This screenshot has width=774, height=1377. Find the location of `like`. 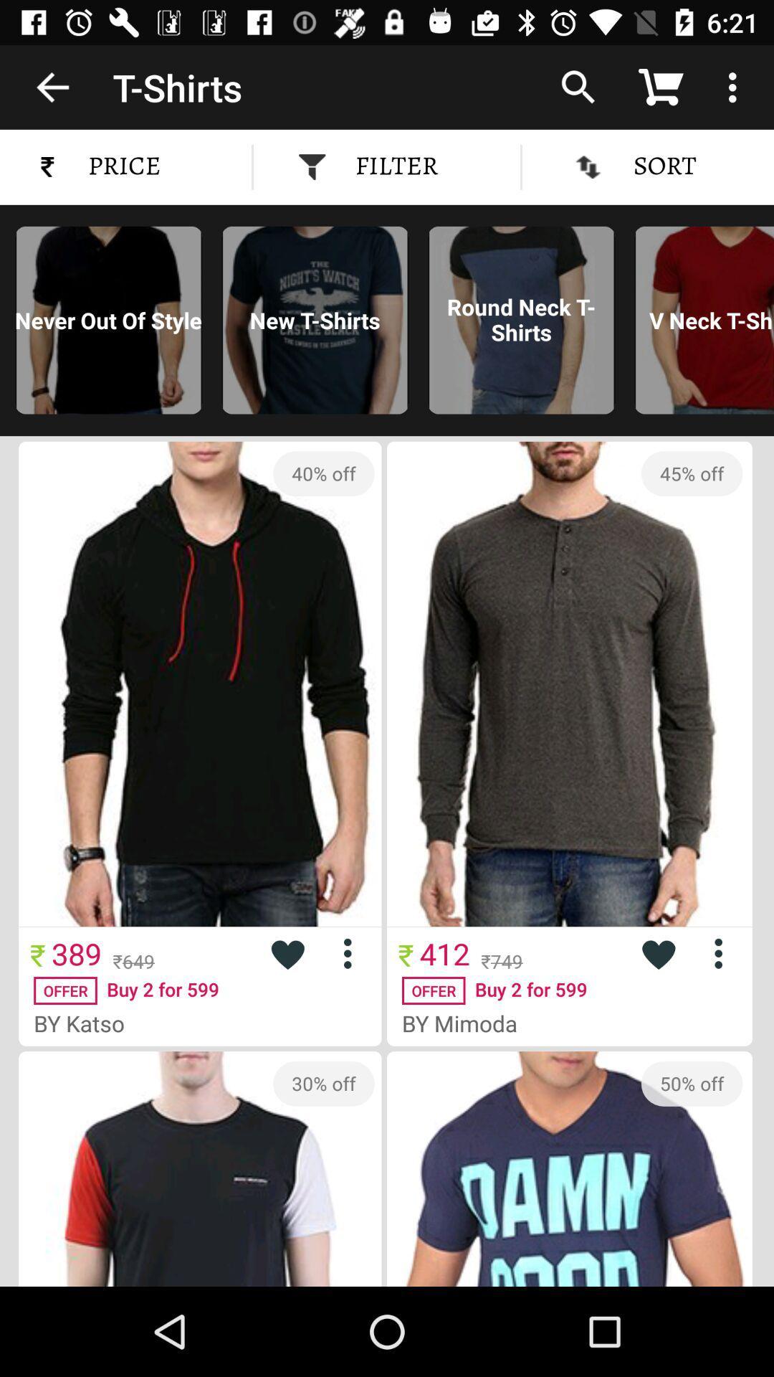

like is located at coordinates (658, 953).